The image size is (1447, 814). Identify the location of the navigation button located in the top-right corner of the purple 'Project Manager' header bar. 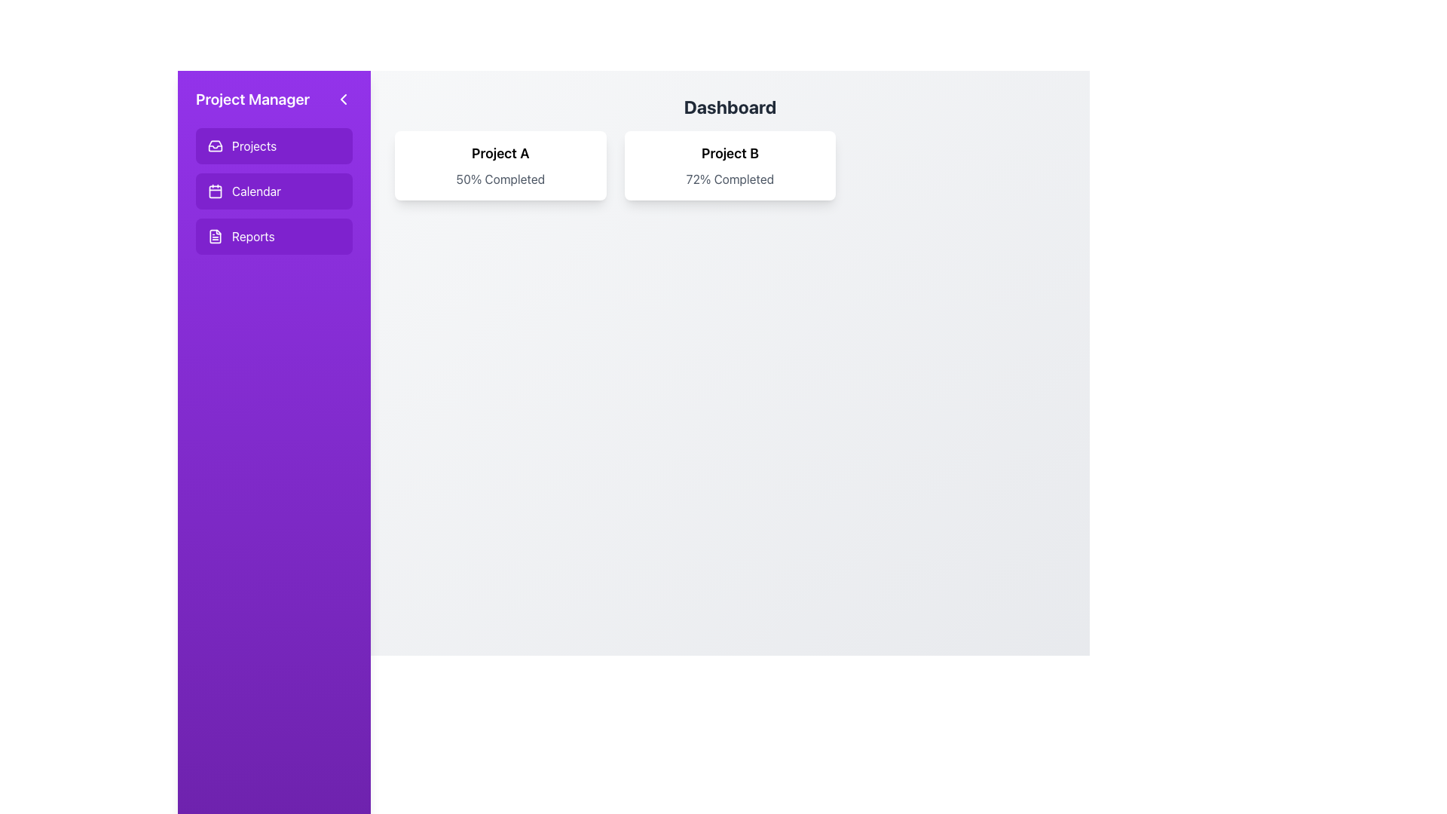
(343, 99).